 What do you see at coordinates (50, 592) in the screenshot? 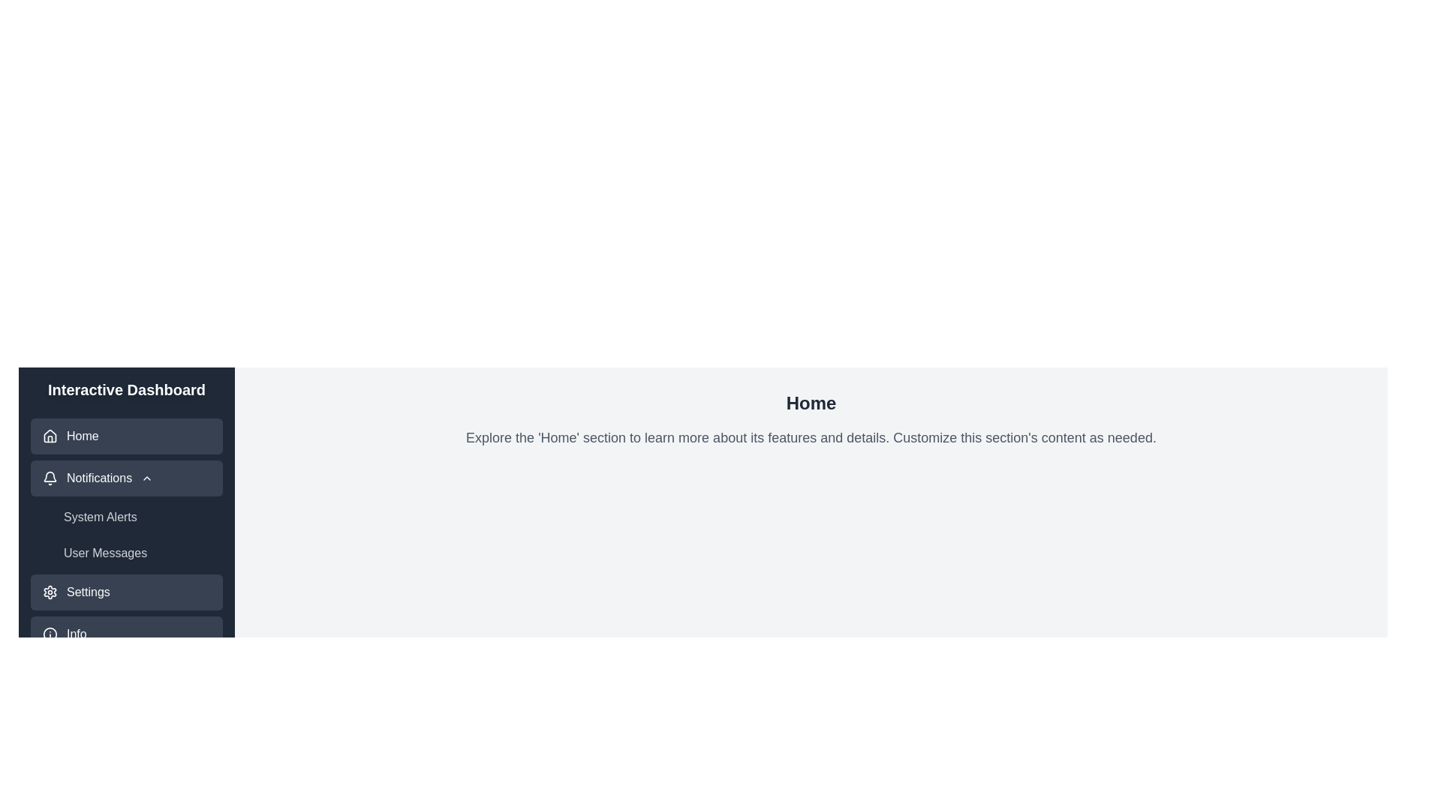
I see `the settings icon located in the left sidebar, which is positioned to the left of the 'Settings' text in the fourth item group of the sidebar menu` at bounding box center [50, 592].